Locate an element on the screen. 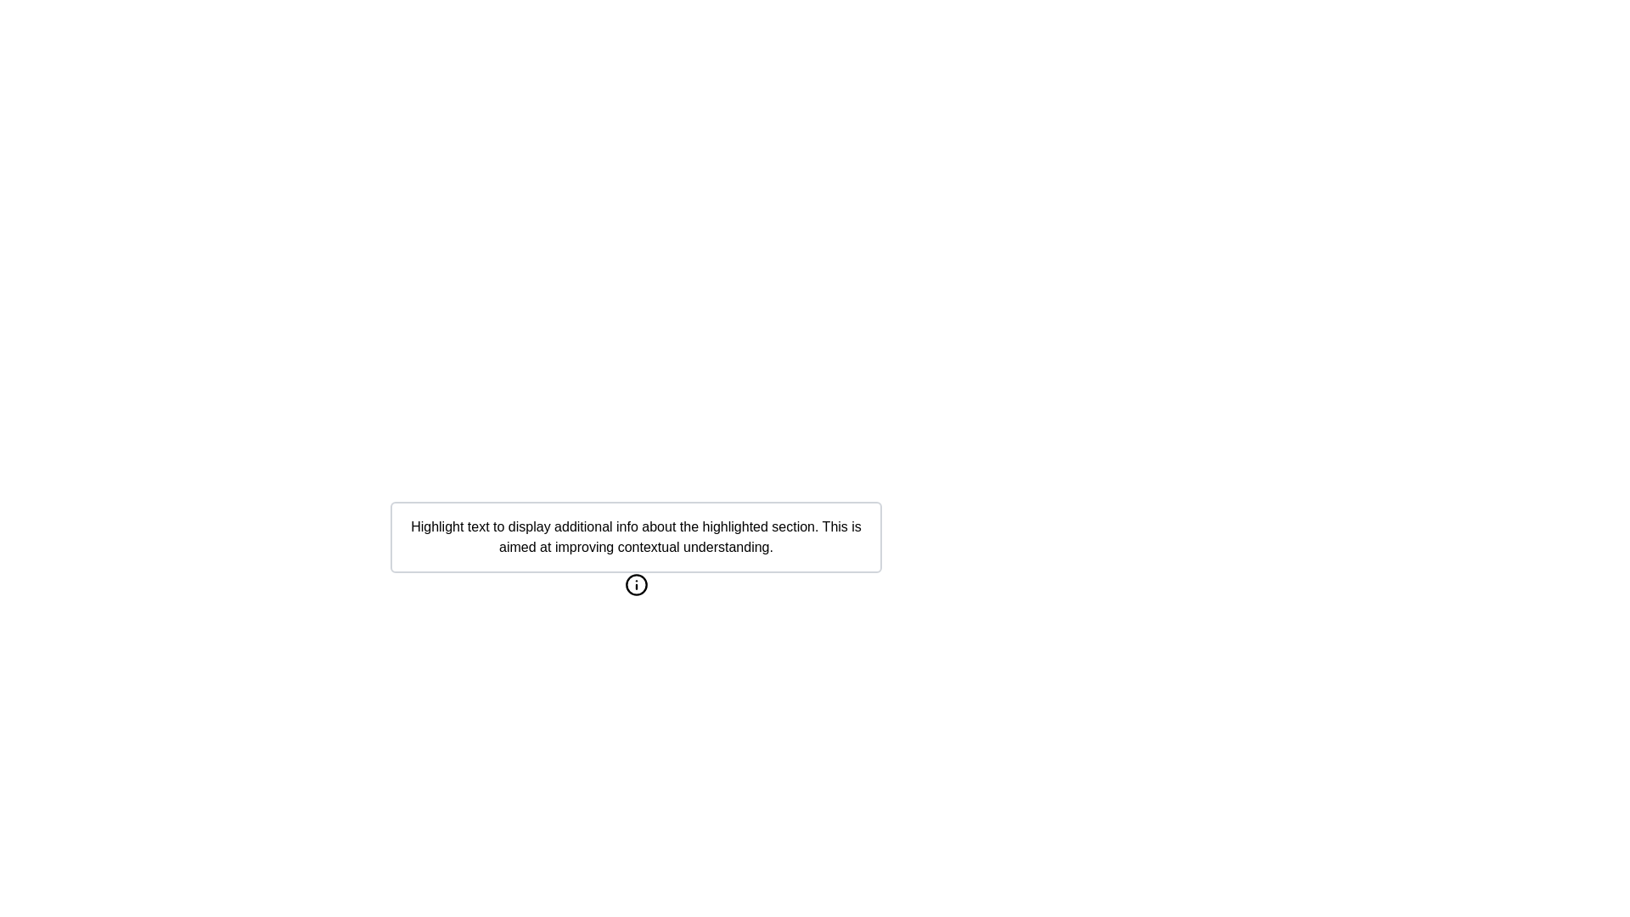 This screenshot has width=1630, height=917. text from the Text Block which contains information about highlighting text for additional understanding, located above the circular icon for additional information is located at coordinates (635, 537).